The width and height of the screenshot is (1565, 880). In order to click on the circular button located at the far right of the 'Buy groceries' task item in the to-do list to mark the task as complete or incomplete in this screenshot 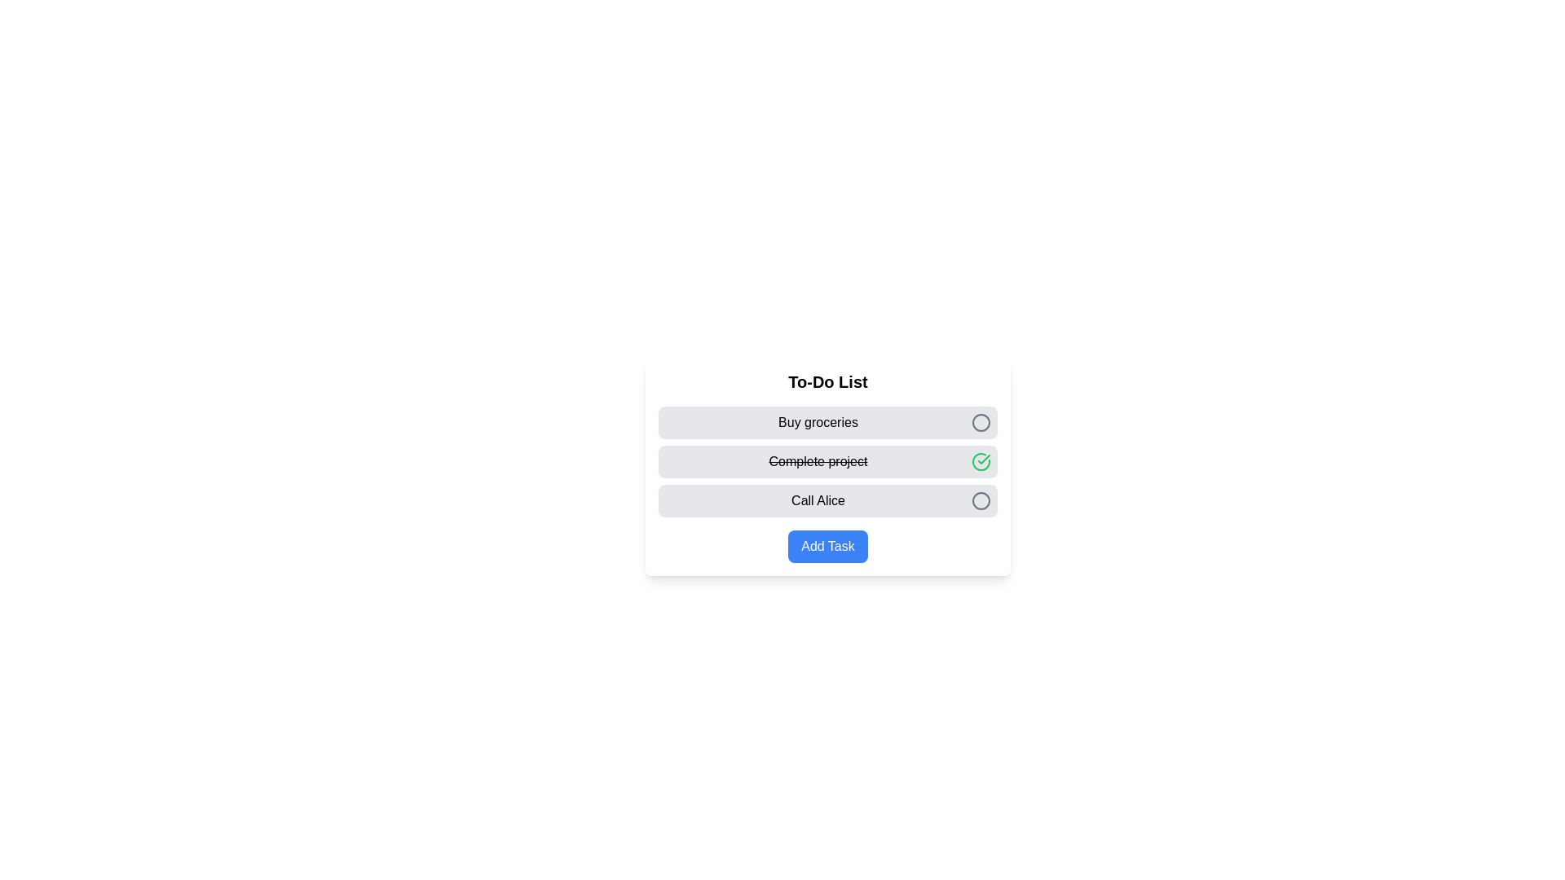, I will do `click(981, 422)`.